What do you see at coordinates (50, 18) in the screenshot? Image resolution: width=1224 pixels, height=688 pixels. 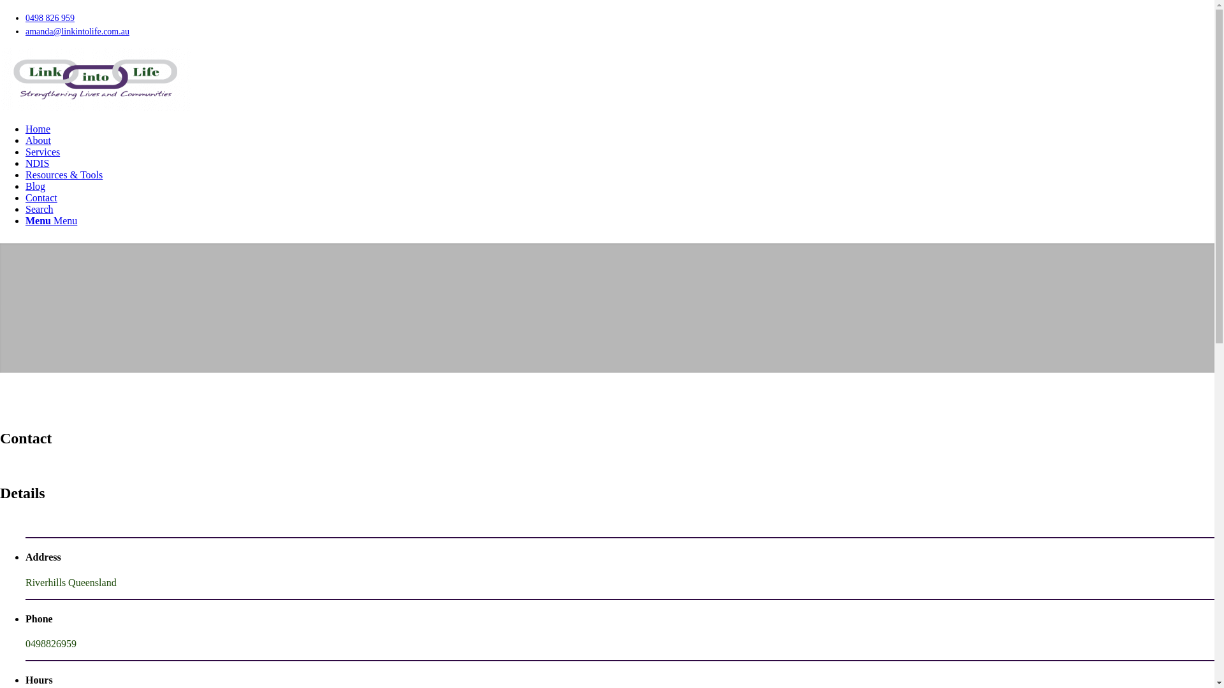 I see `'0498 826 959'` at bounding box center [50, 18].